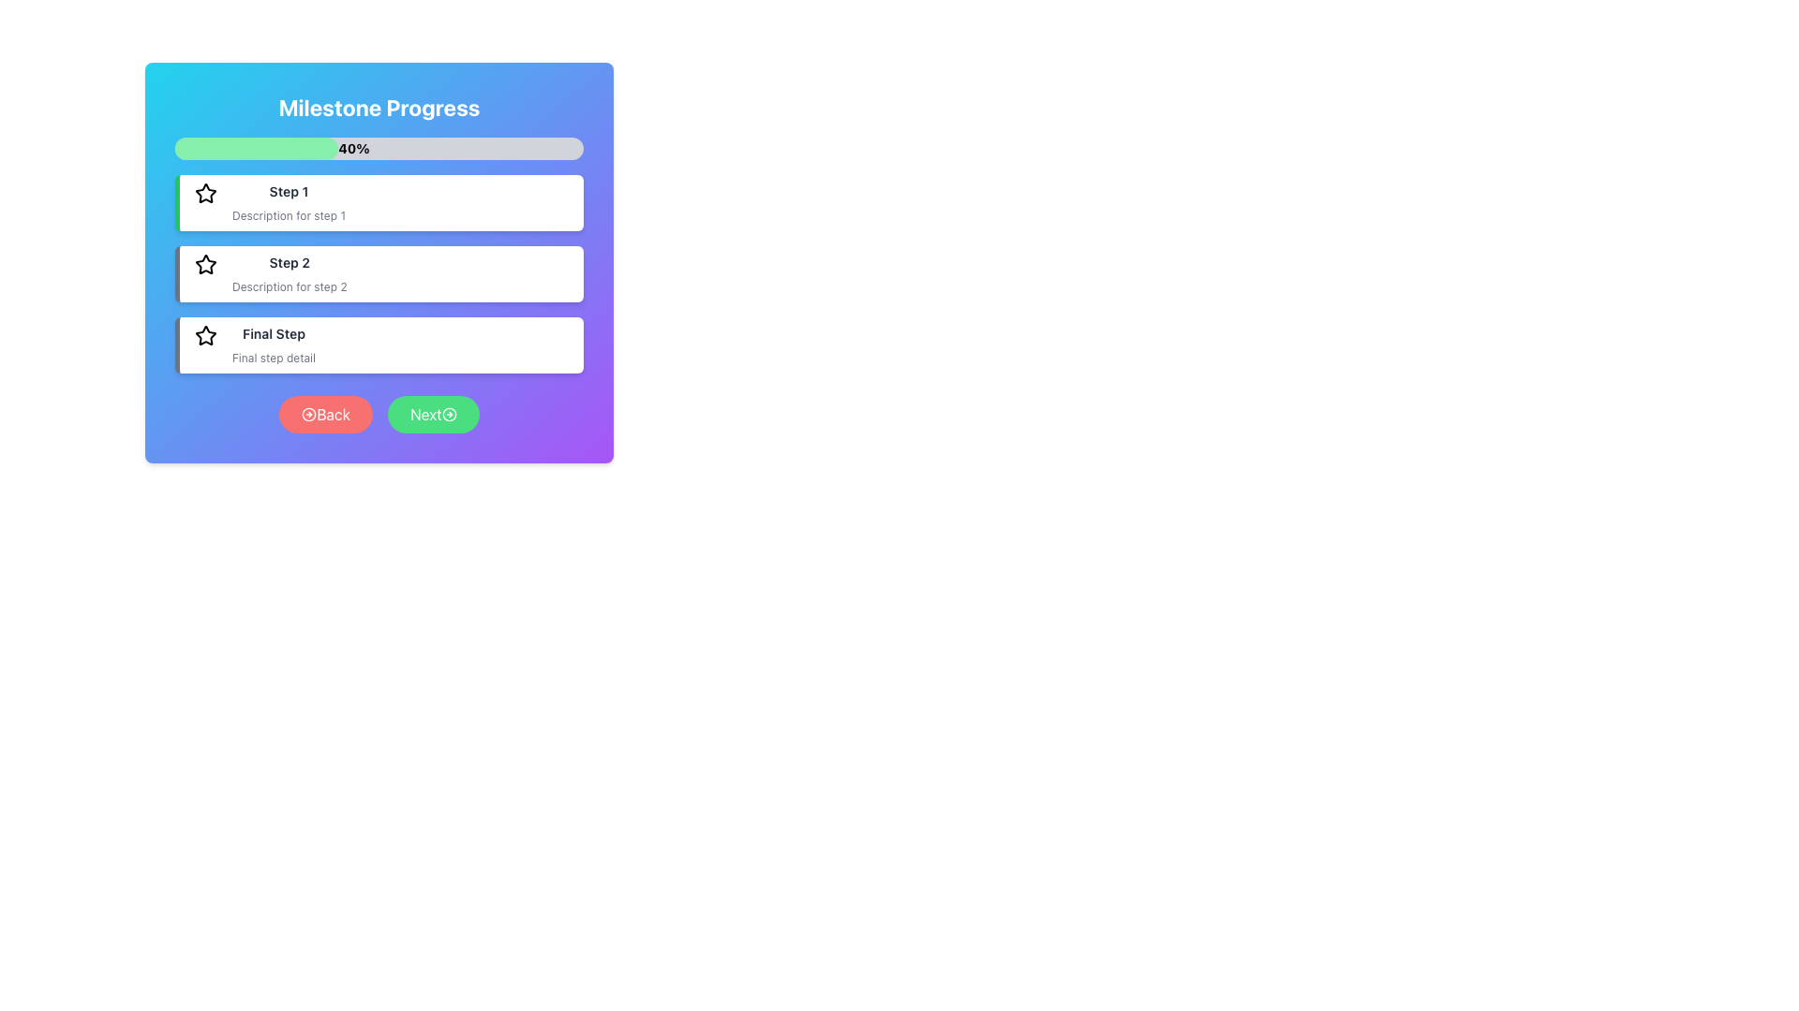  Describe the element at coordinates (432, 414) in the screenshot. I see `the navigation button located in the bottom-right section of the interface` at that location.